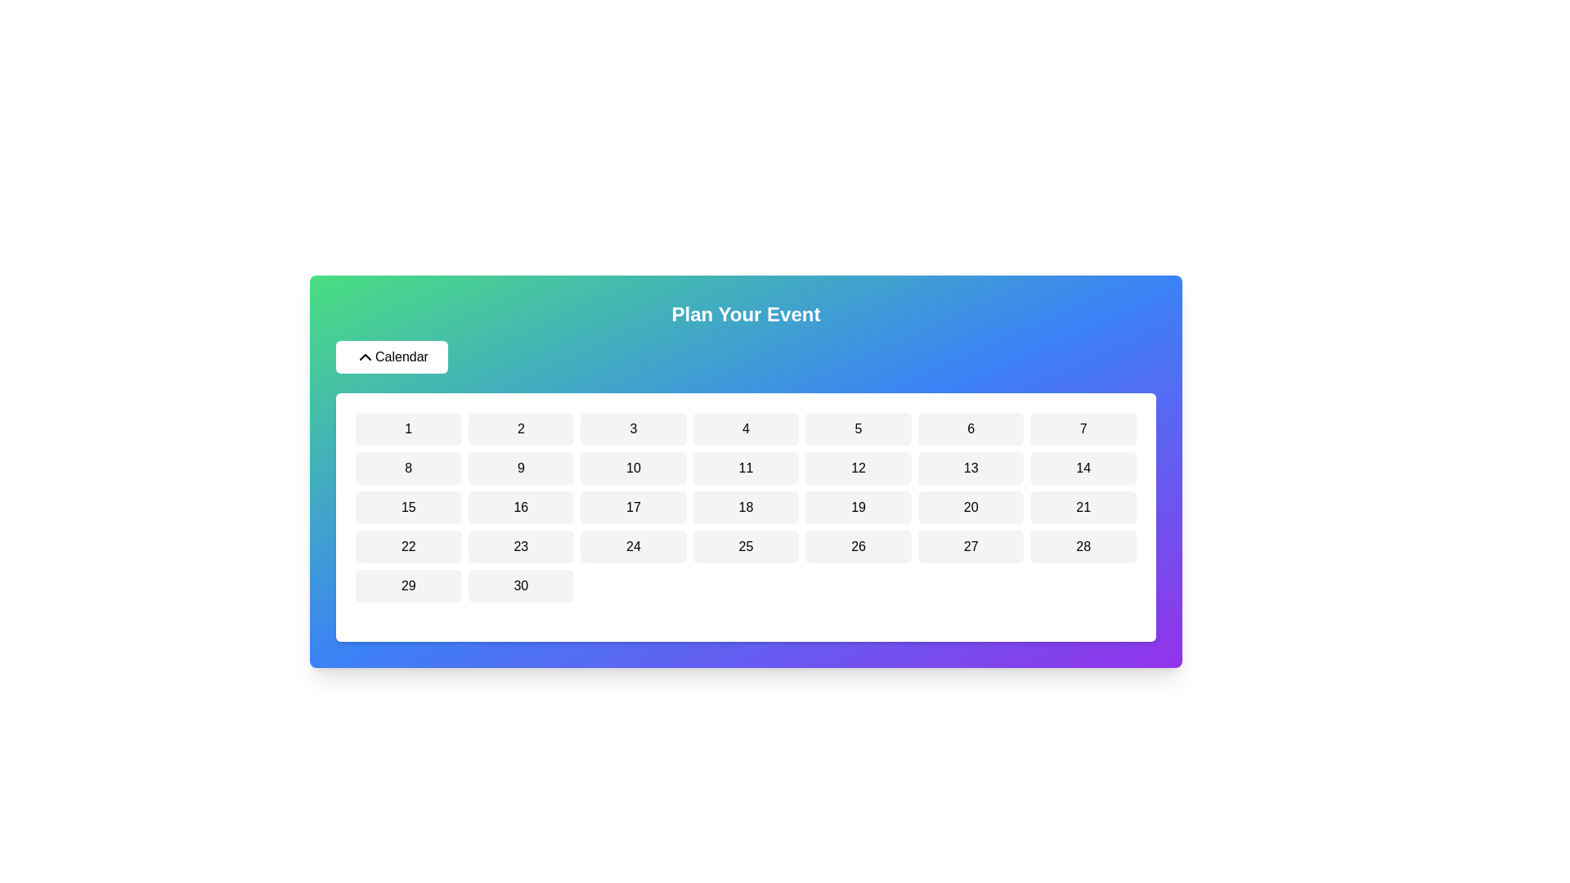 This screenshot has height=883, width=1570. I want to click on the rectangular button labeled '13' with a light gray background, so click(971, 468).